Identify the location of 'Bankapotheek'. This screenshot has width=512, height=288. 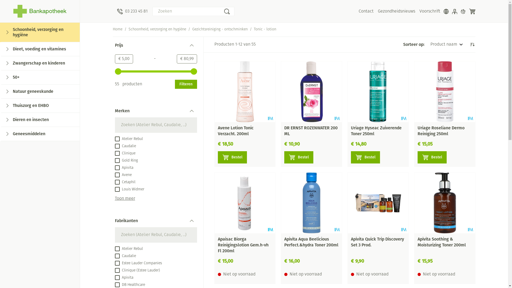
(39, 11).